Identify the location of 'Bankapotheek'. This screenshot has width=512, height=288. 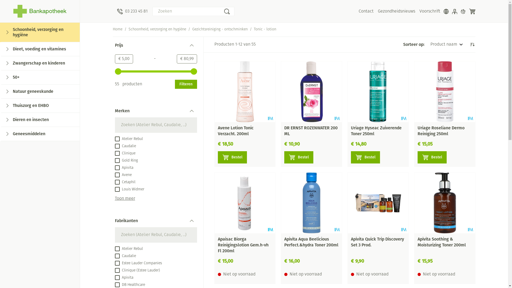
(39, 11).